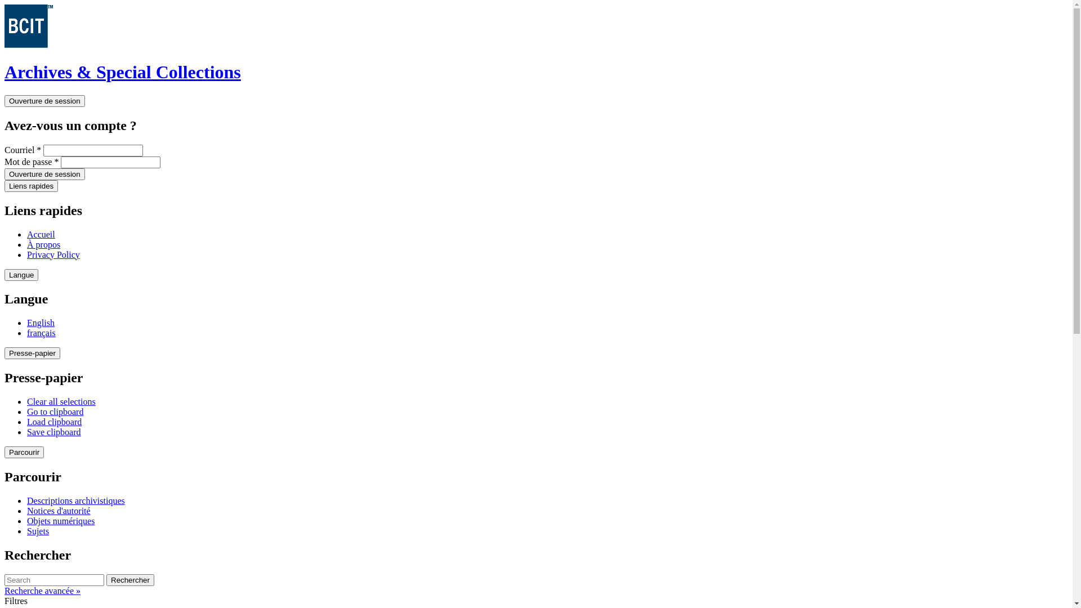 This screenshot has height=608, width=1081. What do you see at coordinates (53, 422) in the screenshot?
I see `'Load clipboard'` at bounding box center [53, 422].